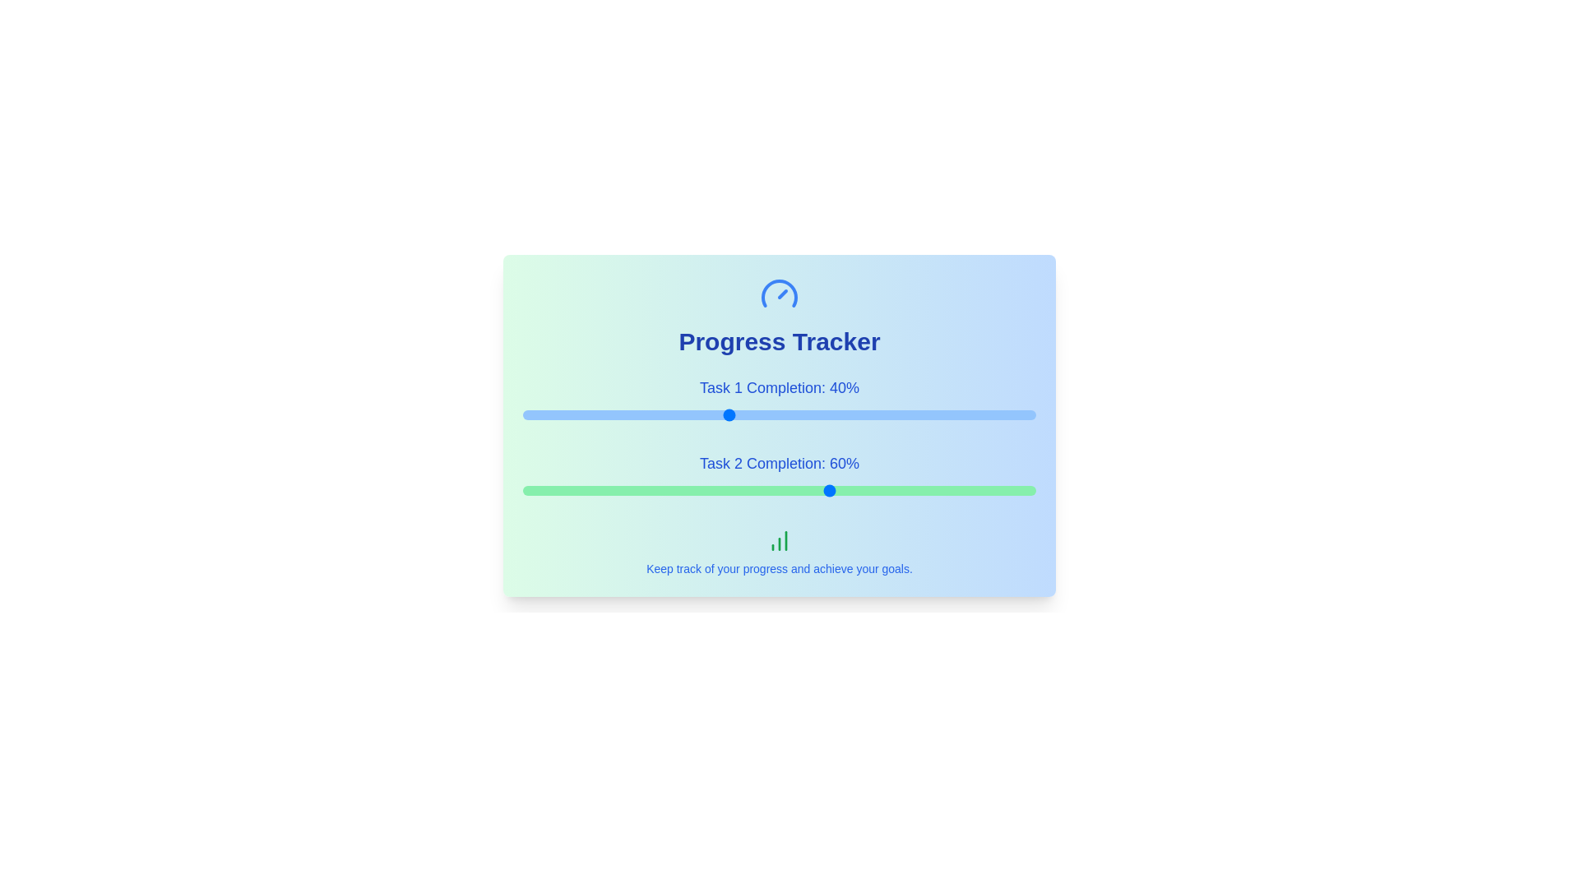 This screenshot has width=1579, height=888. What do you see at coordinates (604, 414) in the screenshot?
I see `the progress value` at bounding box center [604, 414].